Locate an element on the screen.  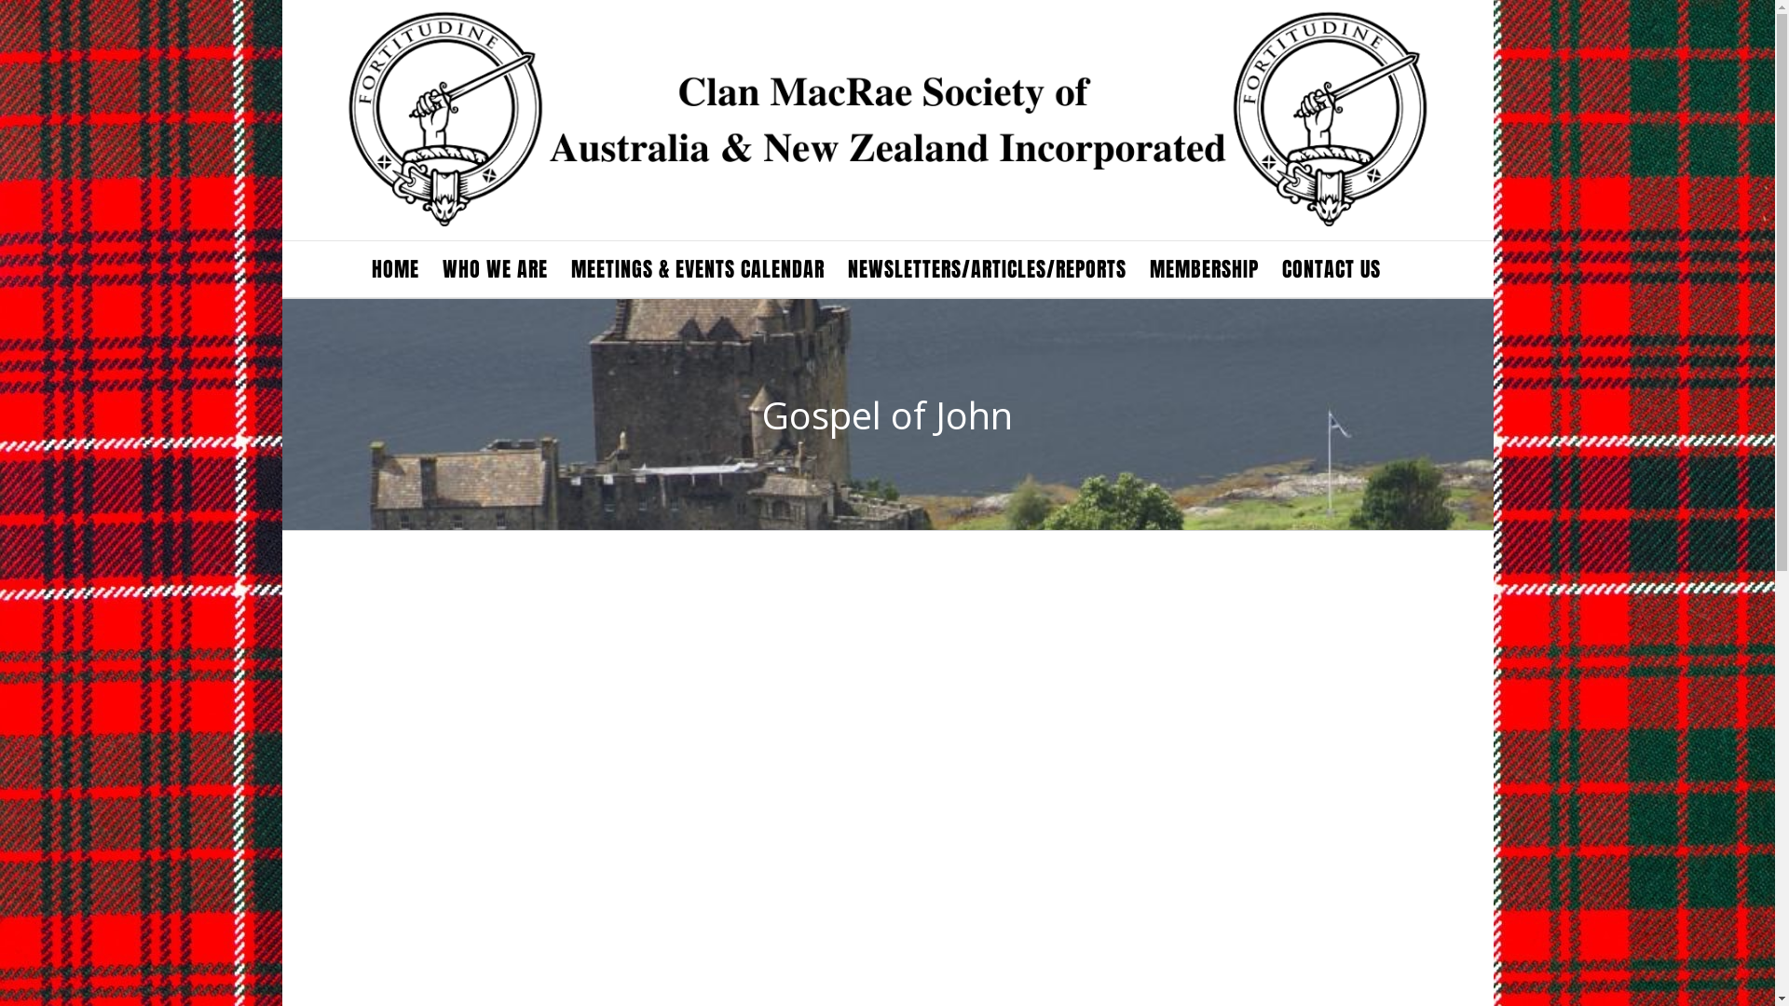
'CONTACT US' is located at coordinates (1331, 269).